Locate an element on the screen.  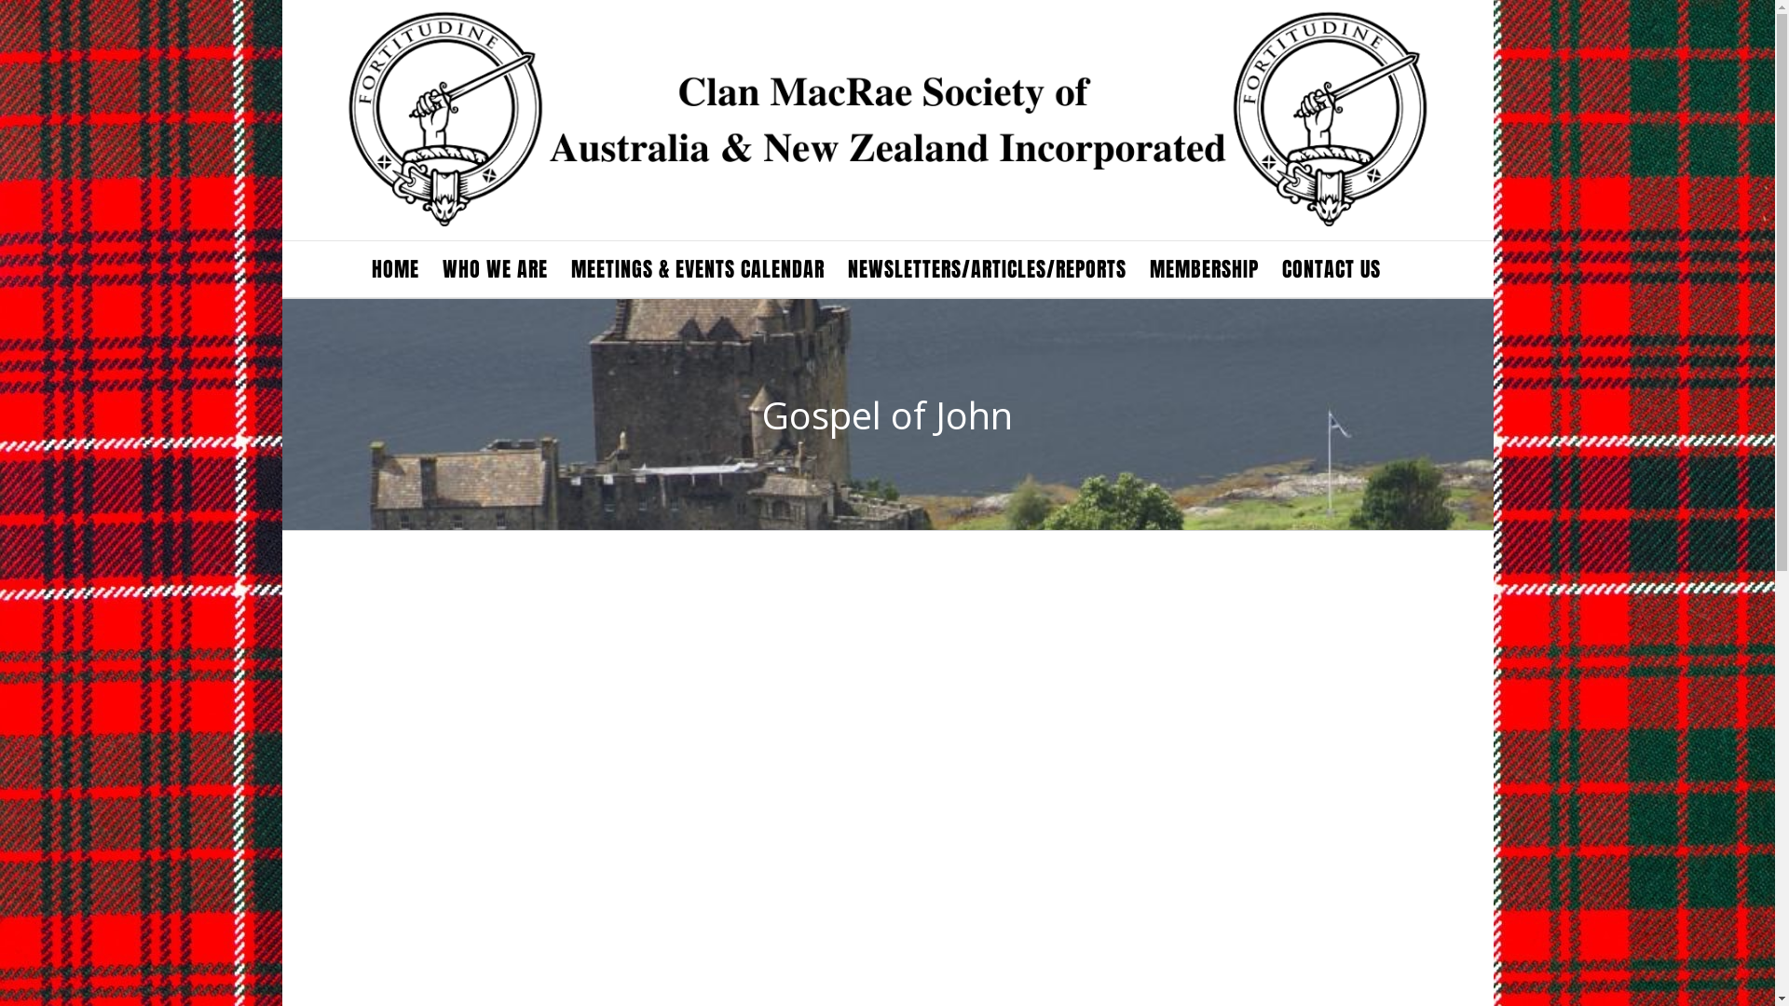
'CONTACT US' is located at coordinates (1331, 269).